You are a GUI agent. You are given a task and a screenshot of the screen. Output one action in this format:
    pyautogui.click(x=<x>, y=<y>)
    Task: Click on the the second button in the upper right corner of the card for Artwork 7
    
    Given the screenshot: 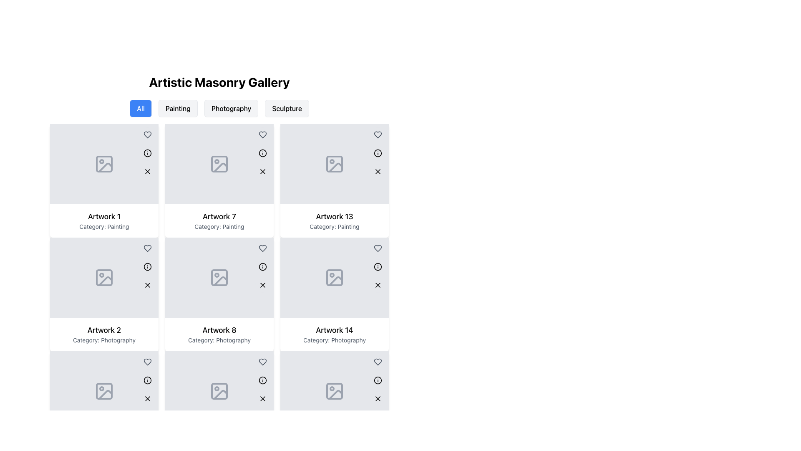 What is the action you would take?
    pyautogui.click(x=262, y=153)
    